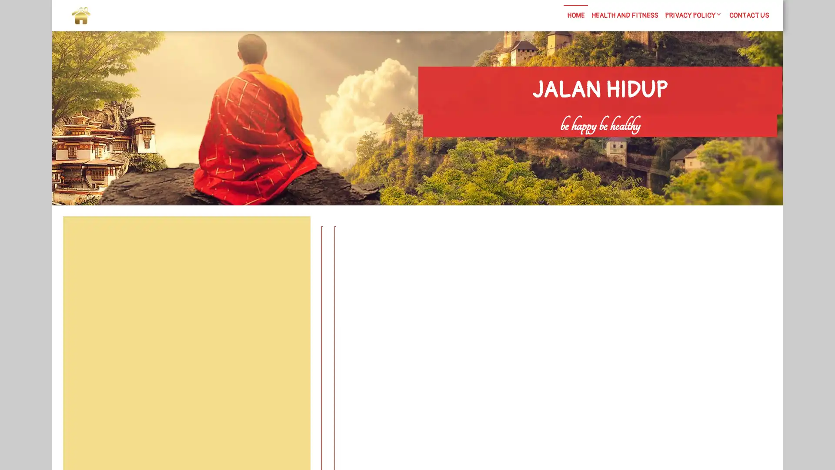 The image size is (835, 470). I want to click on Search, so click(290, 237).